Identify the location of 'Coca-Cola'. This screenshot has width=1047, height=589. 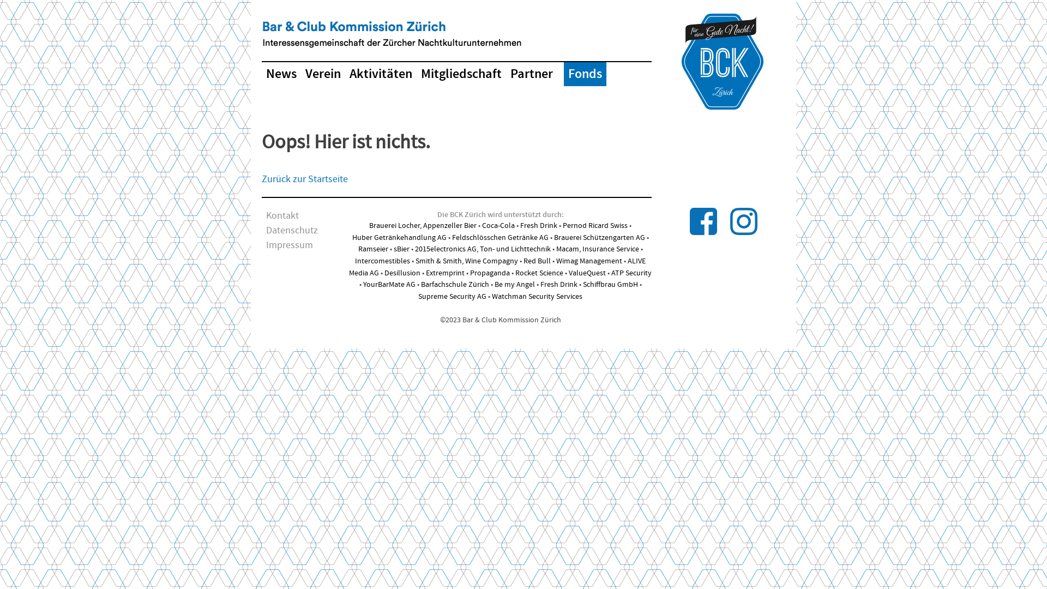
(497, 225).